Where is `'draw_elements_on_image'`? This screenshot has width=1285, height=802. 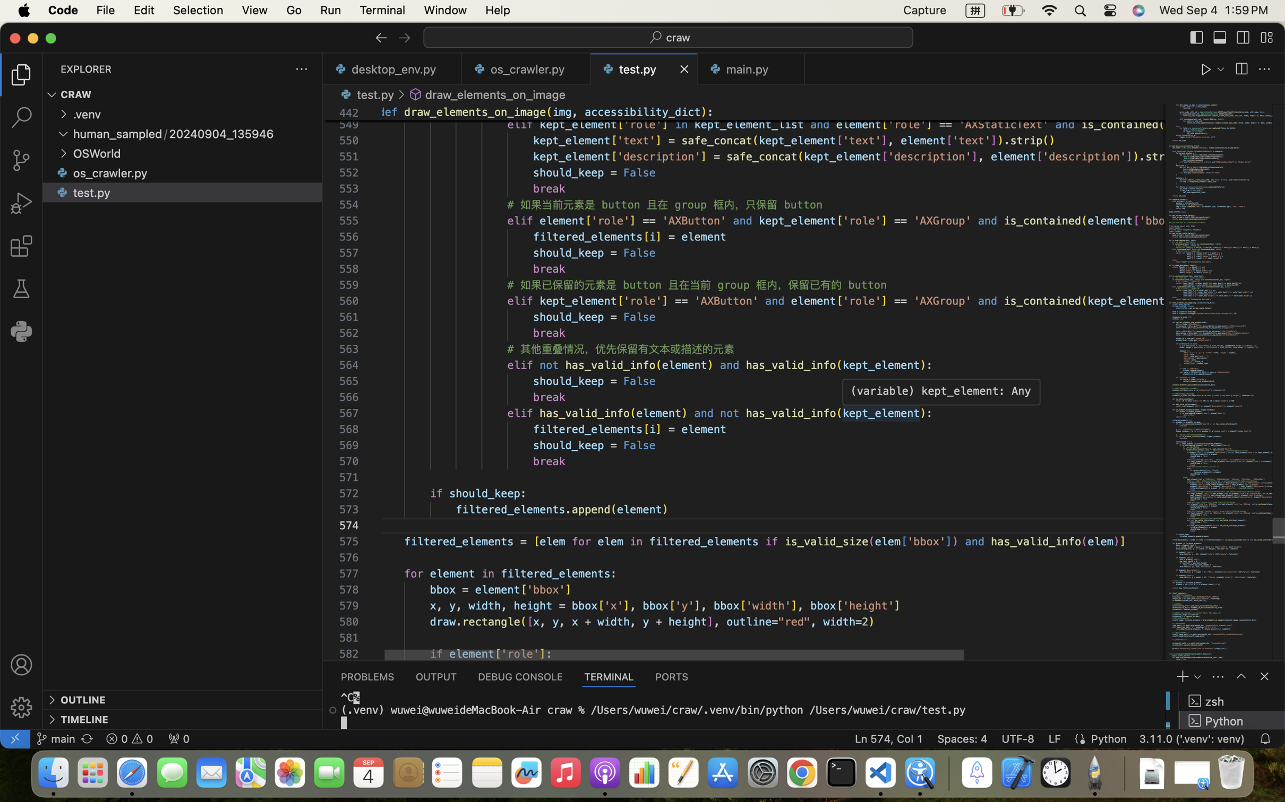 'draw_elements_on_image' is located at coordinates (475, 112).